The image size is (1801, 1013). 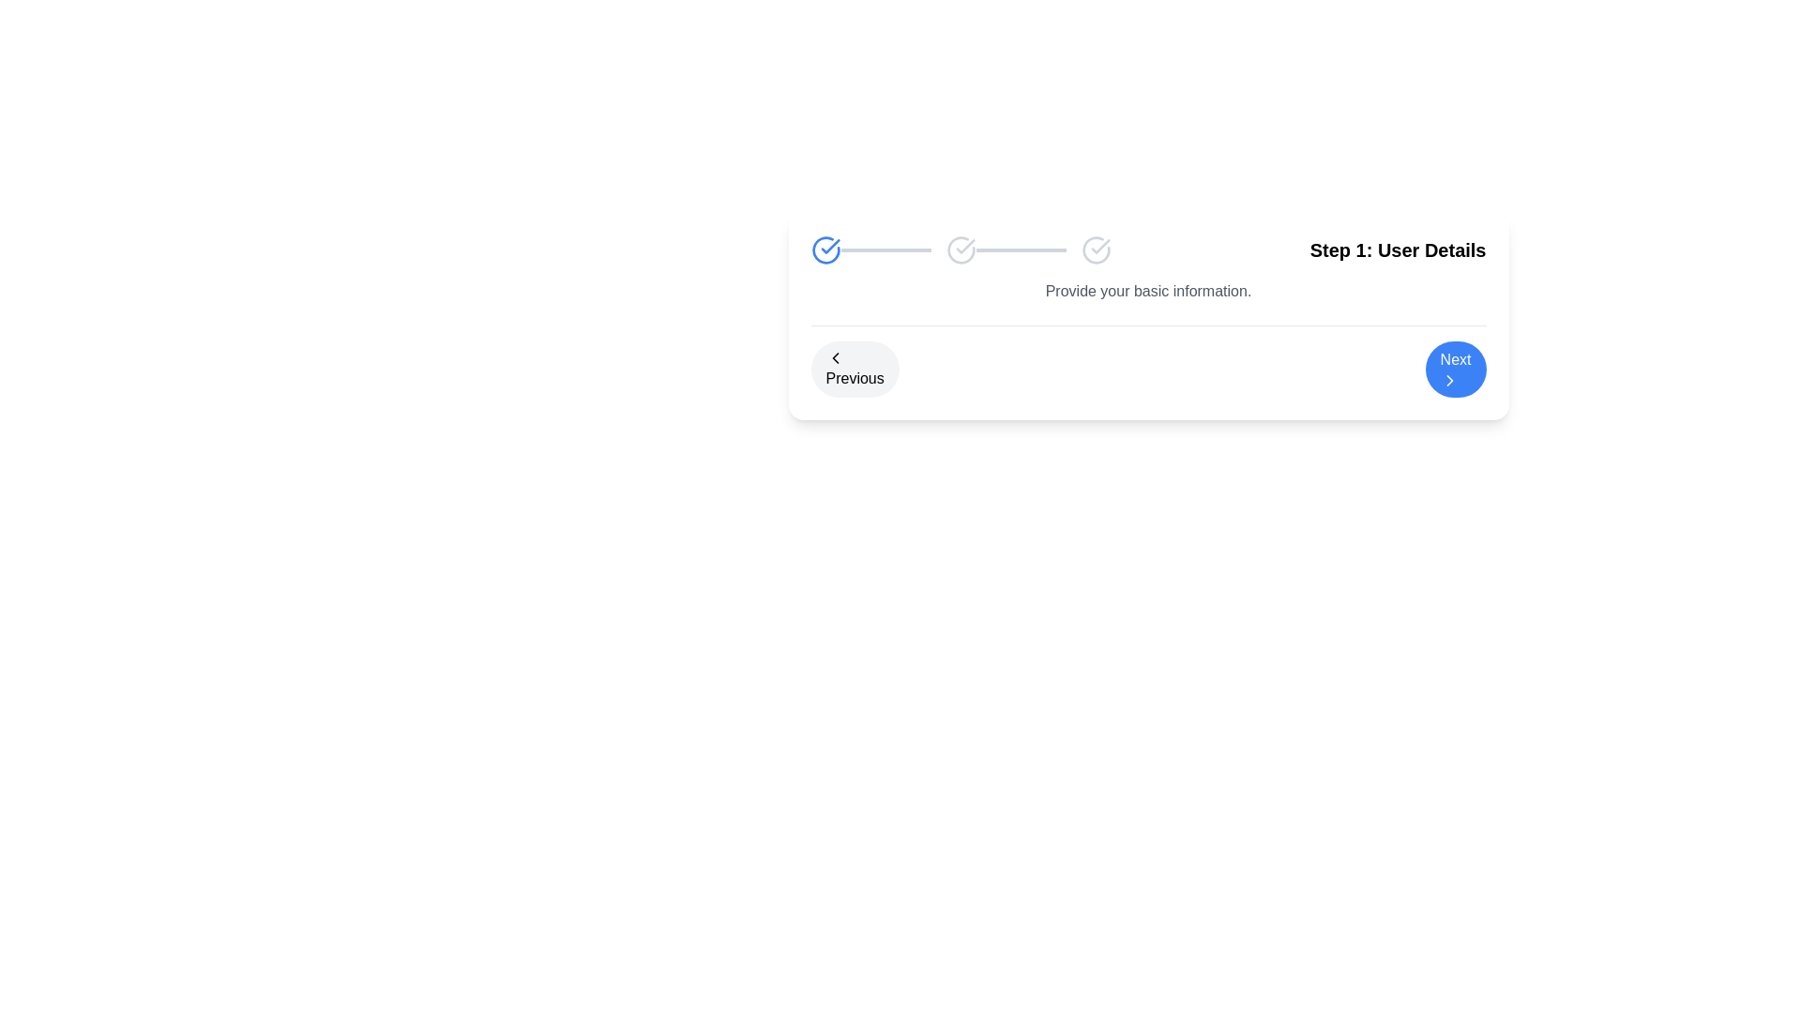 What do you see at coordinates (1147, 249) in the screenshot?
I see `the progress tracker component titled 'Step 1: User Details'` at bounding box center [1147, 249].